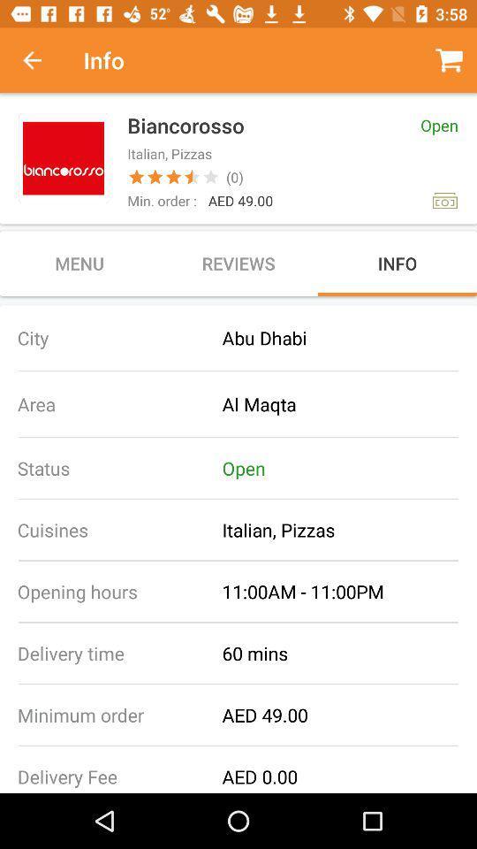 The height and width of the screenshot is (849, 477). I want to click on al maqta icon, so click(349, 404).